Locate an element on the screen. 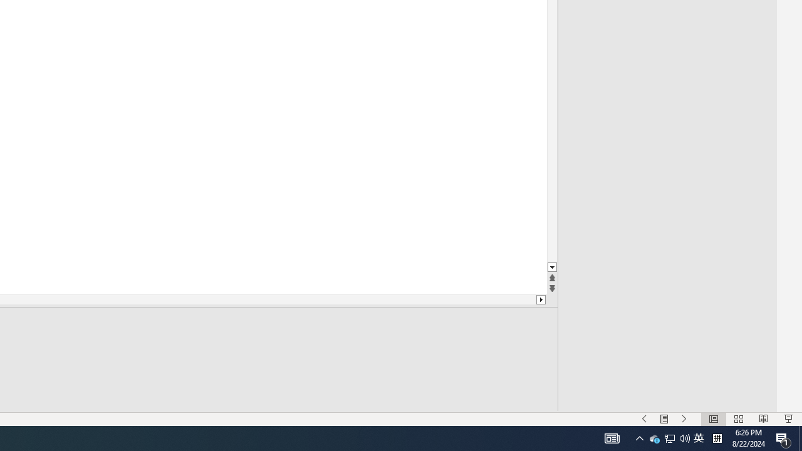 The image size is (802, 451). 'Slide Show Previous On' is located at coordinates (644, 419).